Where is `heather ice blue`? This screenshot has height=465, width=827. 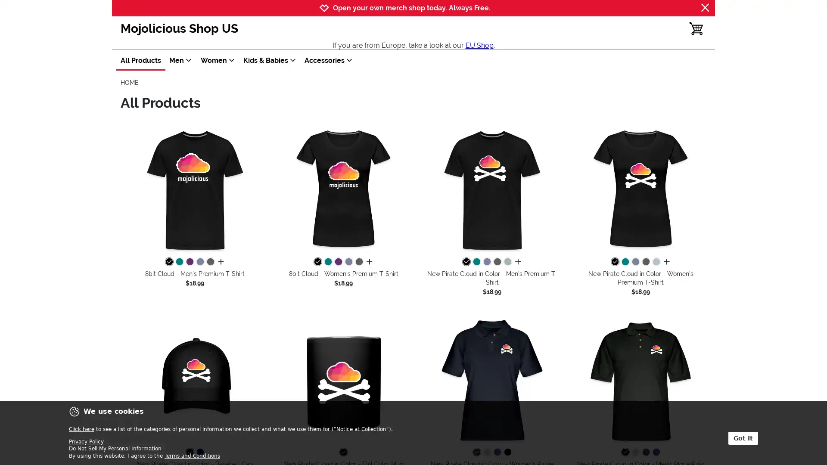
heather ice blue is located at coordinates (655, 262).